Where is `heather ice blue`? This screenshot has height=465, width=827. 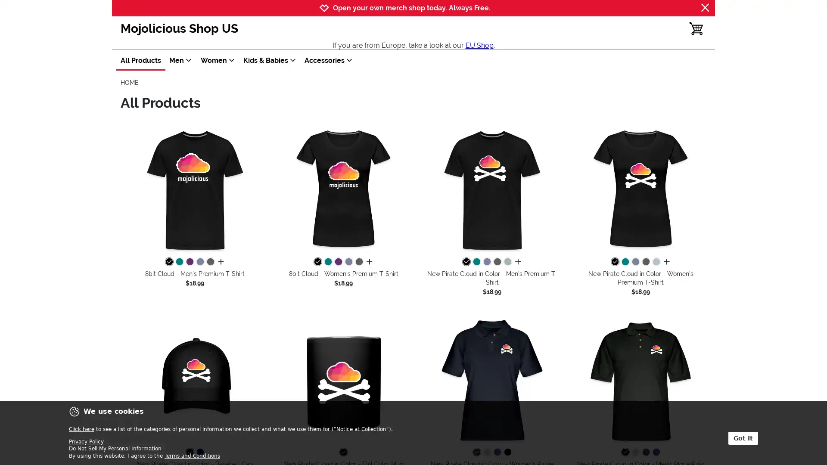
heather ice blue is located at coordinates (655, 262).